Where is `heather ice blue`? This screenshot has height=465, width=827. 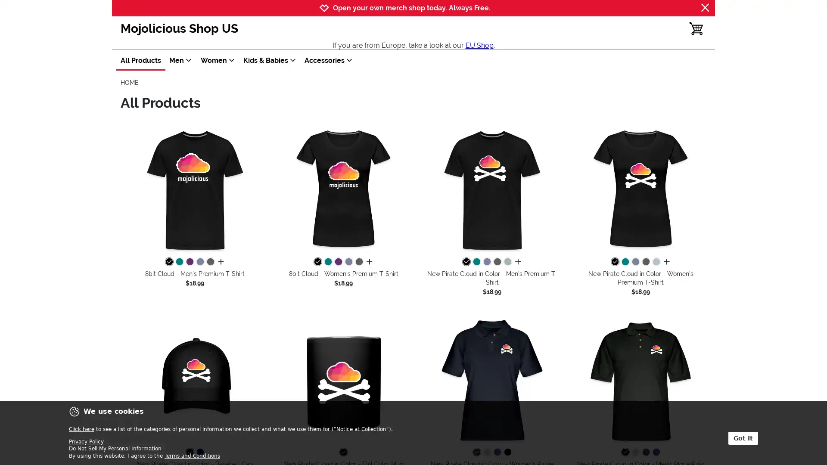
heather ice blue is located at coordinates (655, 262).